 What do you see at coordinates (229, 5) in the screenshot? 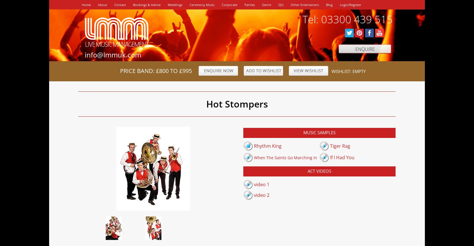
I see `'Corporate'` at bounding box center [229, 5].